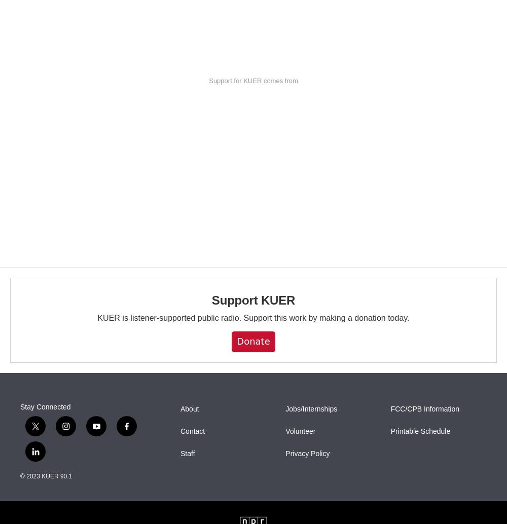 Image resolution: width=507 pixels, height=524 pixels. Describe the element at coordinates (252, 300) in the screenshot. I see `'Support KUER'` at that location.